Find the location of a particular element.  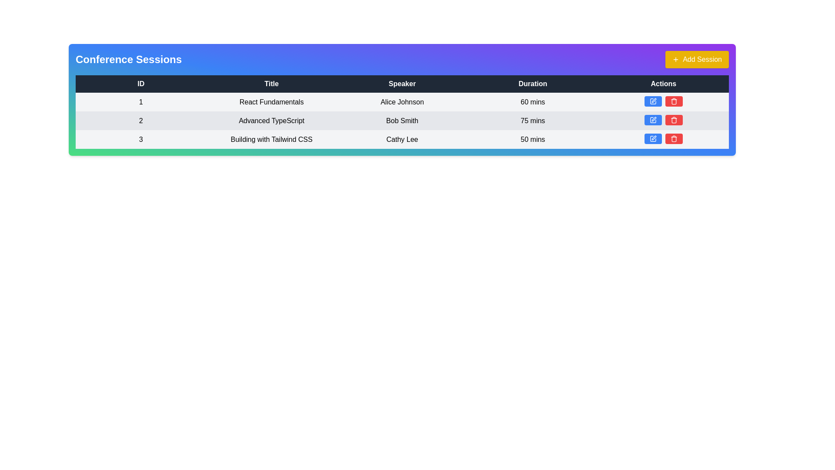

the numeric label displaying the number '2' located in the first cell of the second row under the 'ID' column in a tabular layout is located at coordinates (141, 121).